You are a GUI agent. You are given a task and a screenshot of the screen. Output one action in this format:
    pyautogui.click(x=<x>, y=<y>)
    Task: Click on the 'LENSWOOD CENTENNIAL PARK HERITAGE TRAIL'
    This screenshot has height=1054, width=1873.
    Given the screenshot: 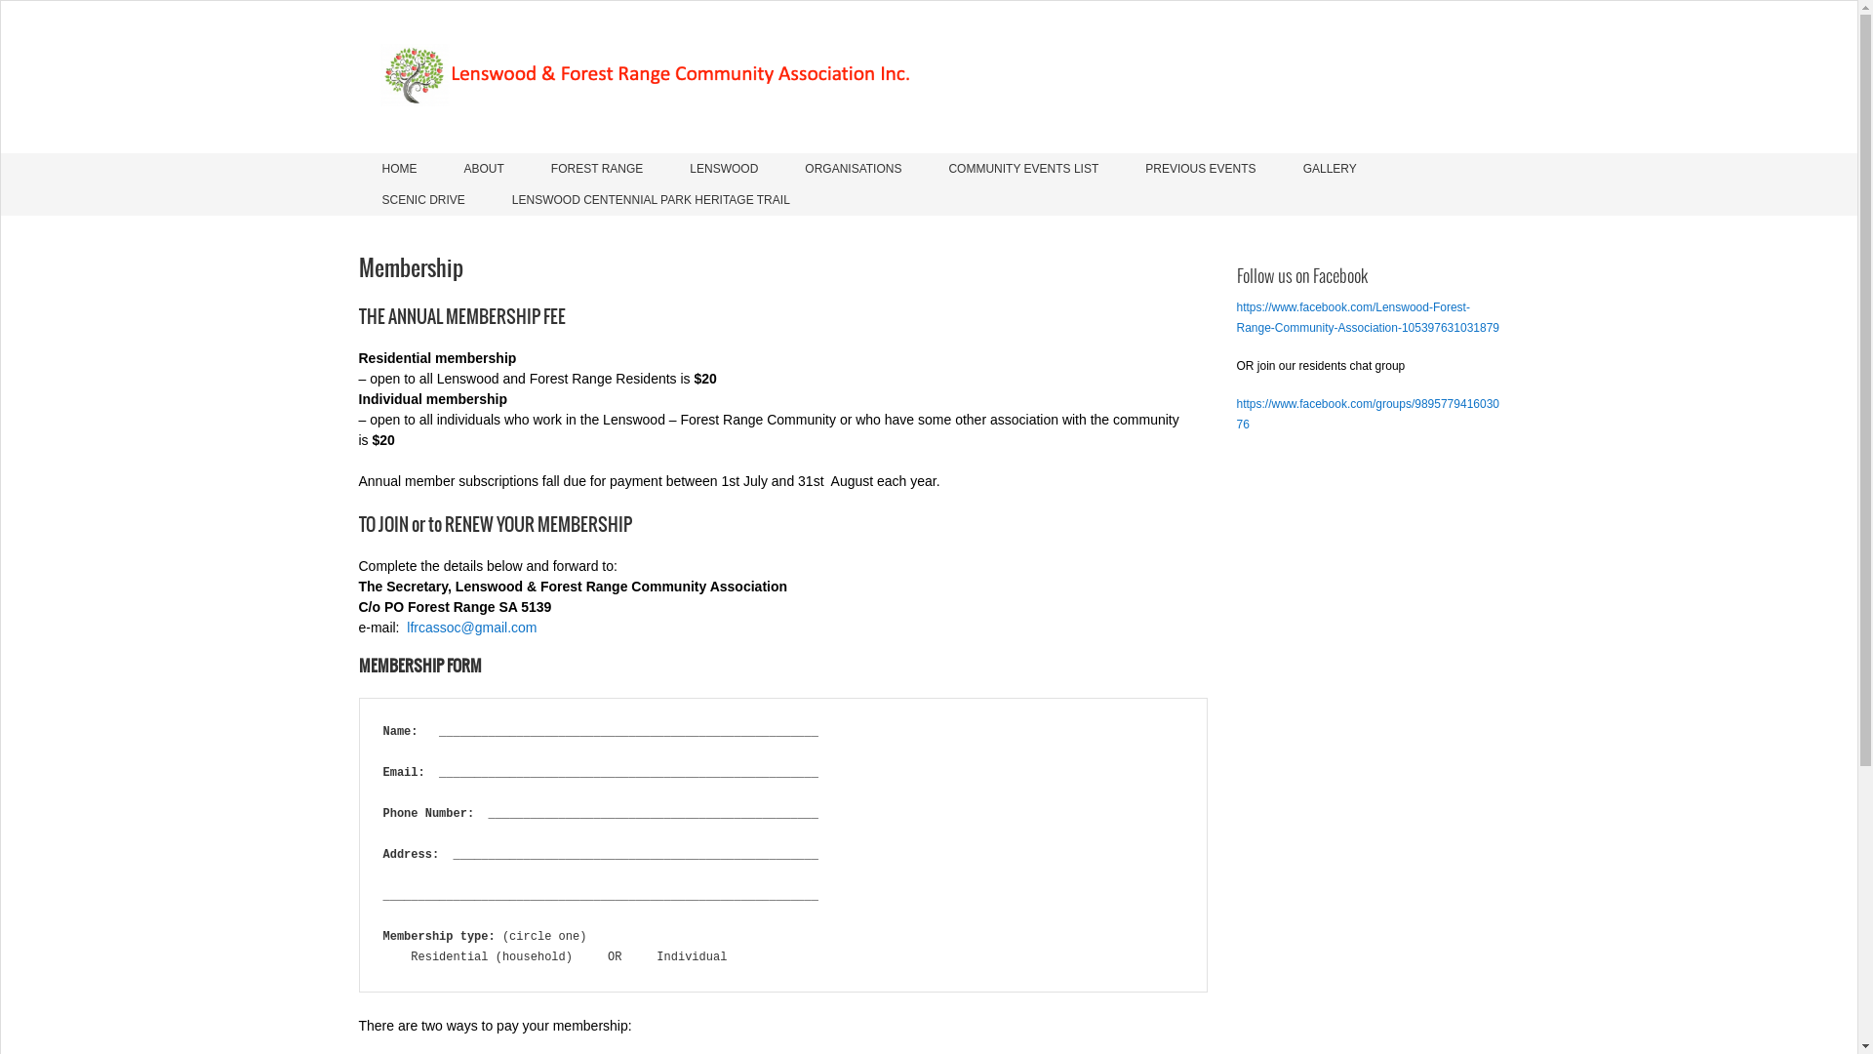 What is the action you would take?
    pyautogui.click(x=651, y=199)
    